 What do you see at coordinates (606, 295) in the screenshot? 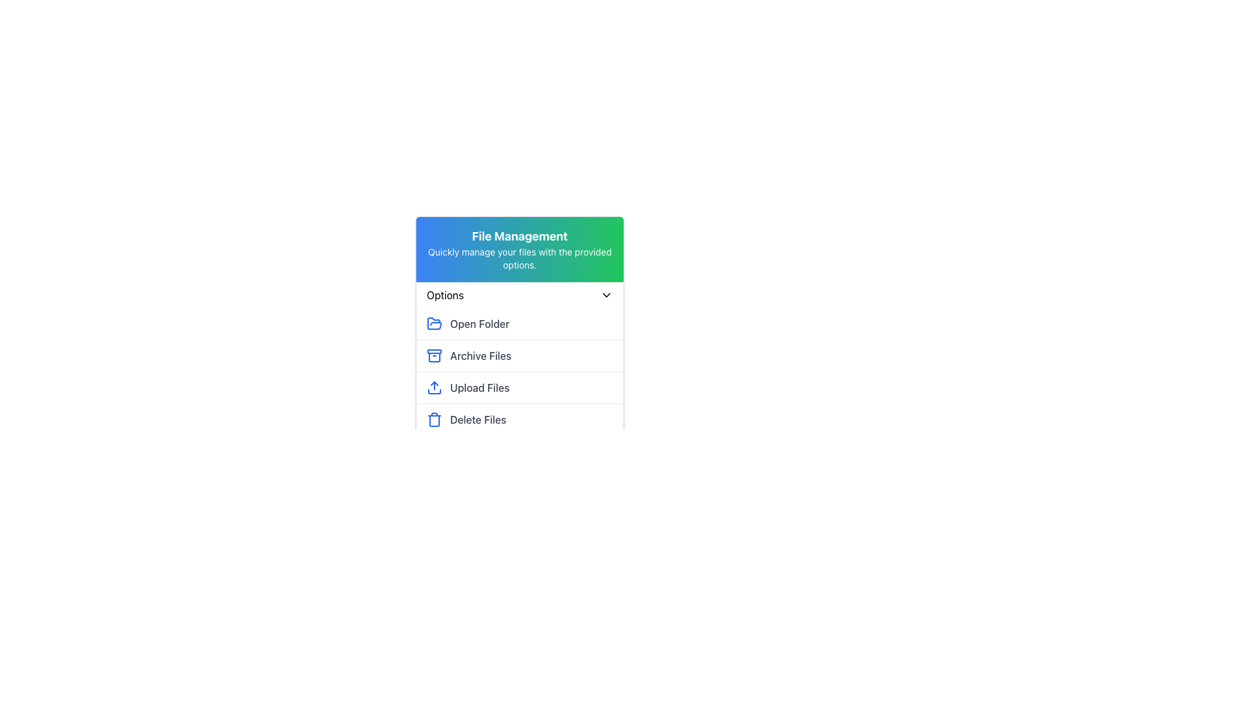
I see `the downward-pointing arrow icon in the top-right corner of the 'Options' button` at bounding box center [606, 295].